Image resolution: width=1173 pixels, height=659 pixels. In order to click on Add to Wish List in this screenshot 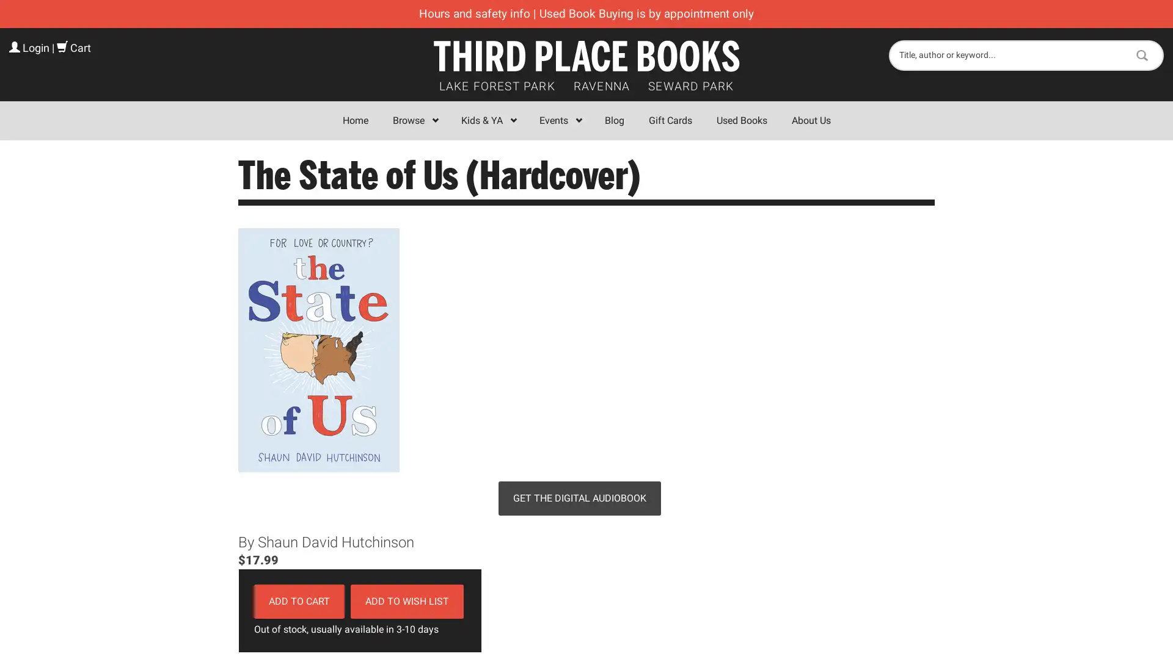, I will do `click(407, 600)`.